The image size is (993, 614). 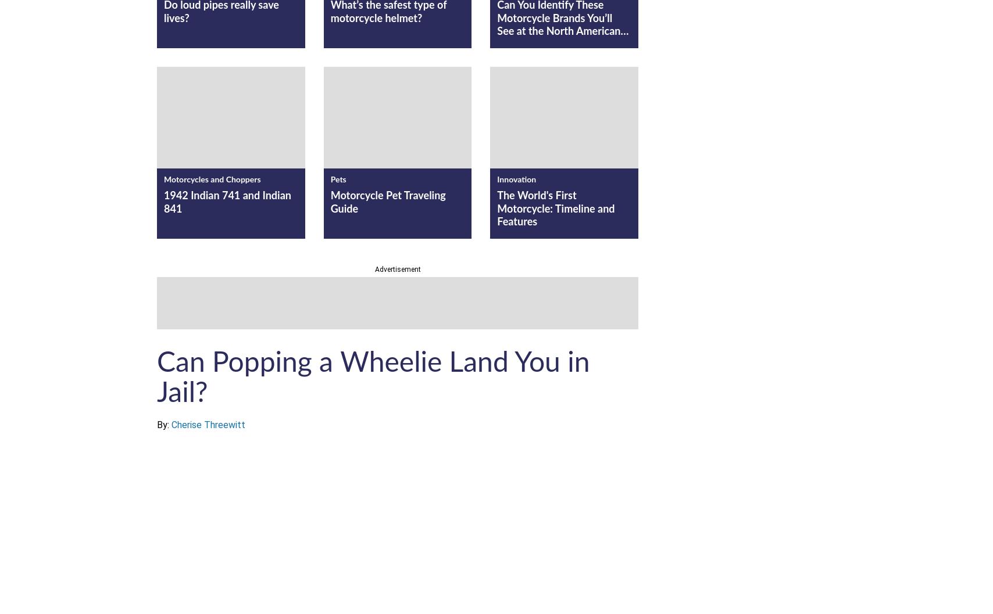 What do you see at coordinates (558, 25) in the screenshot?
I see `'Can You Identify These Motorcycle Brands You’ll See at the North American Motorcross Show?'` at bounding box center [558, 25].